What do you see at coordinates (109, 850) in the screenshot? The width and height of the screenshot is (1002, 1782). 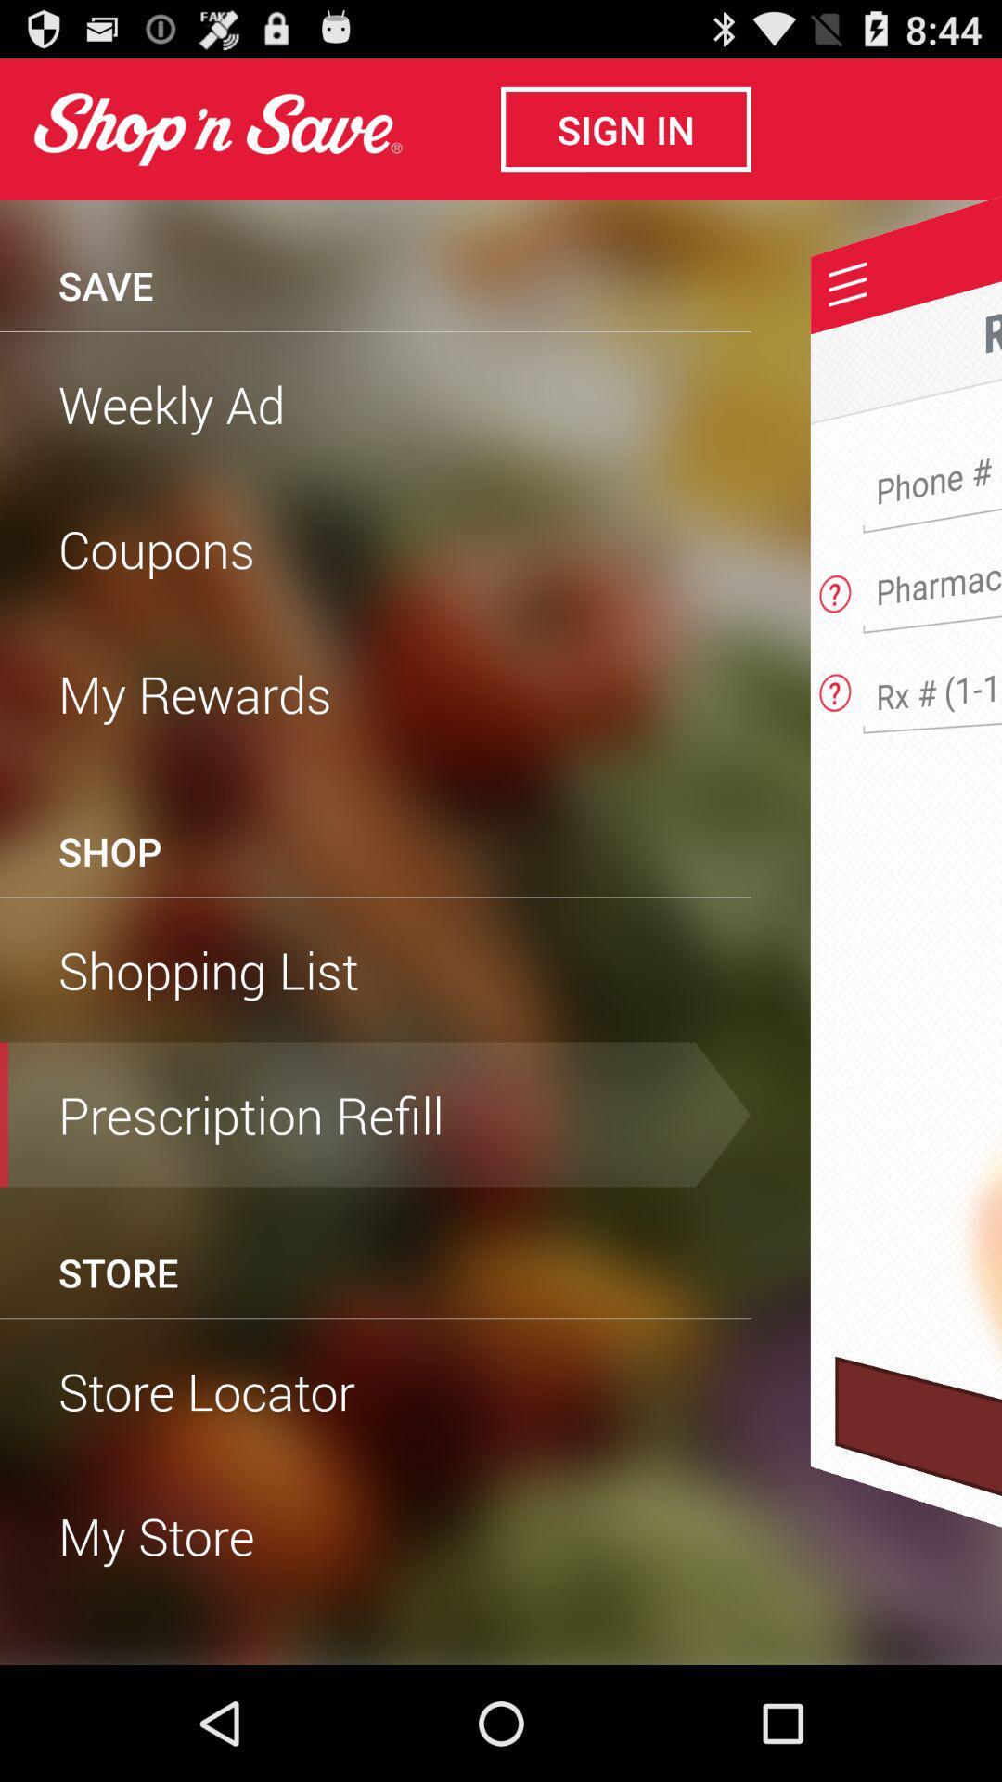 I see `the shop item` at bounding box center [109, 850].